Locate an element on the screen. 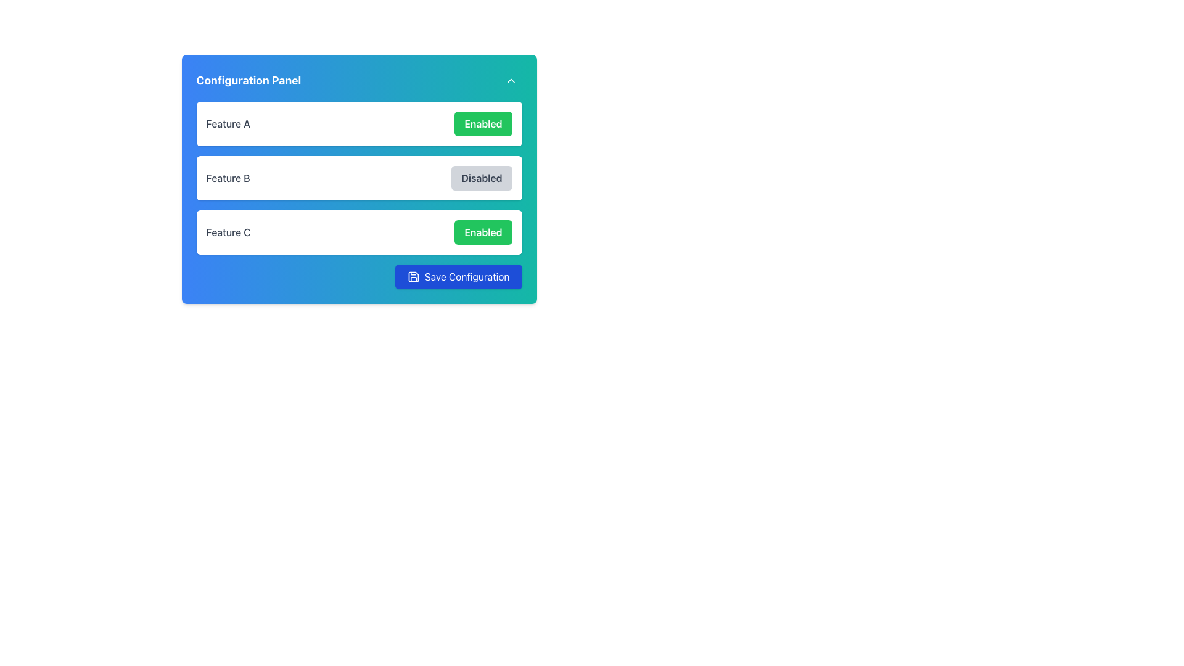  the gray rectangular button labeled 'Disabled' located on the right side of the row labeled 'Feature B' in the configuration panel to attempt an action is located at coordinates (481, 178).